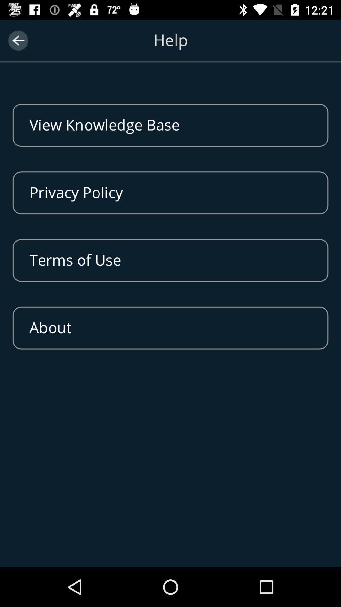 This screenshot has width=341, height=607. What do you see at coordinates (18, 40) in the screenshot?
I see `the arrow_backward icon` at bounding box center [18, 40].